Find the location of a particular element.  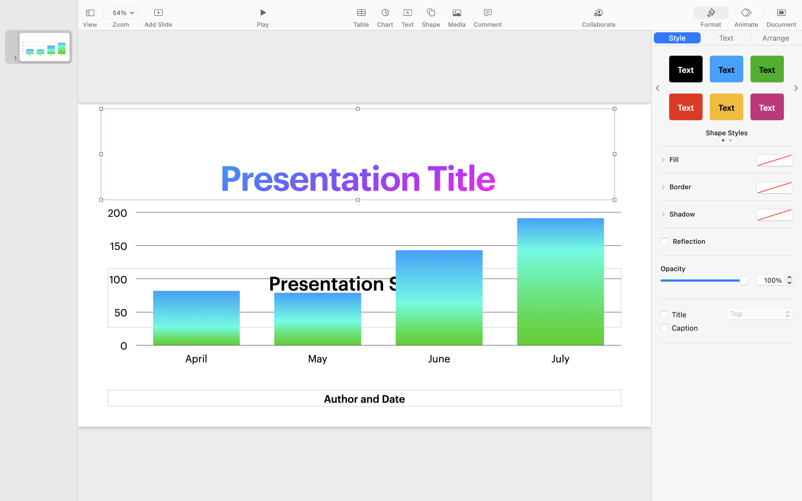

'Document' is located at coordinates (781, 25).